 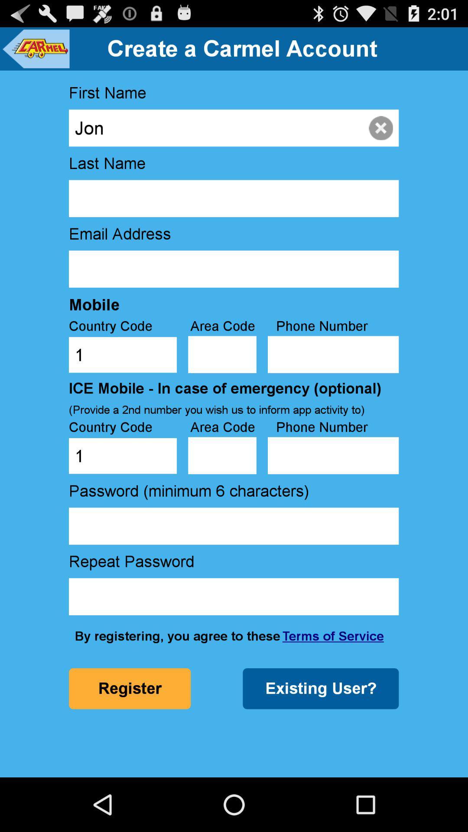 I want to click on item next to the existing user?, so click(x=130, y=688).